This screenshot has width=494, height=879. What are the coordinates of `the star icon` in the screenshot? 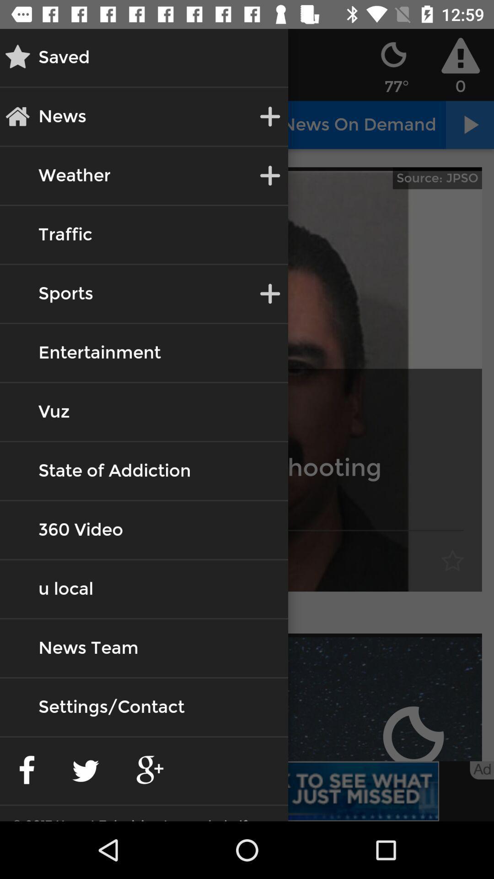 It's located at (33, 62).